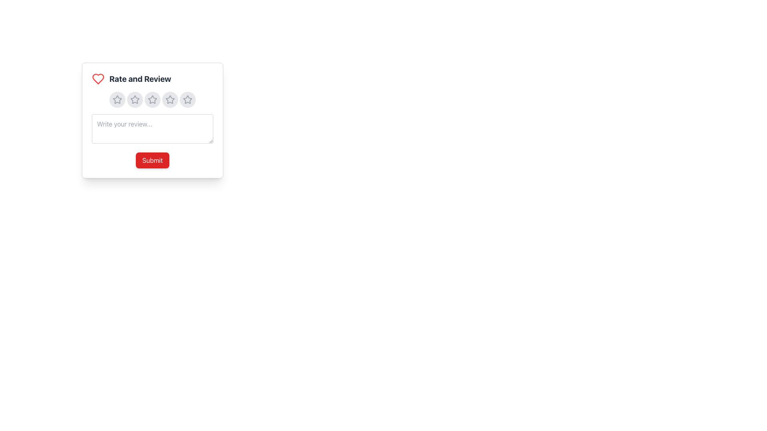 This screenshot has height=431, width=767. Describe the element at coordinates (135, 99) in the screenshot. I see `the second star icon button used for rating satisfaction` at that location.